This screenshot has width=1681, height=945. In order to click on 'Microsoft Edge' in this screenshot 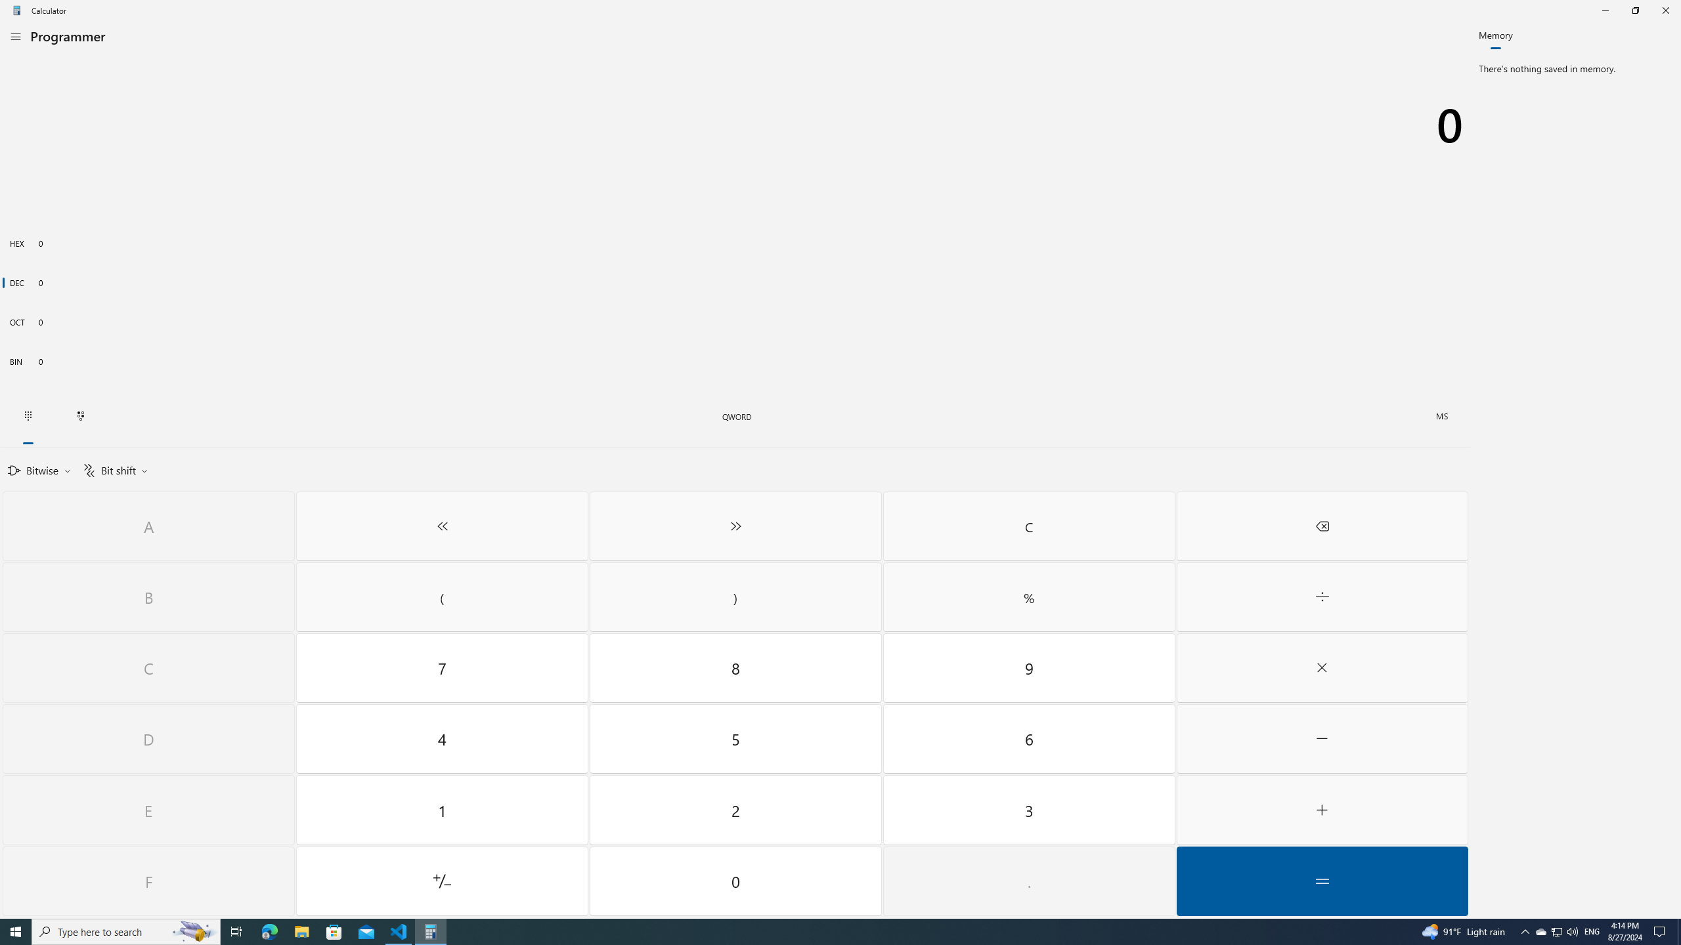, I will do `click(269, 931)`.